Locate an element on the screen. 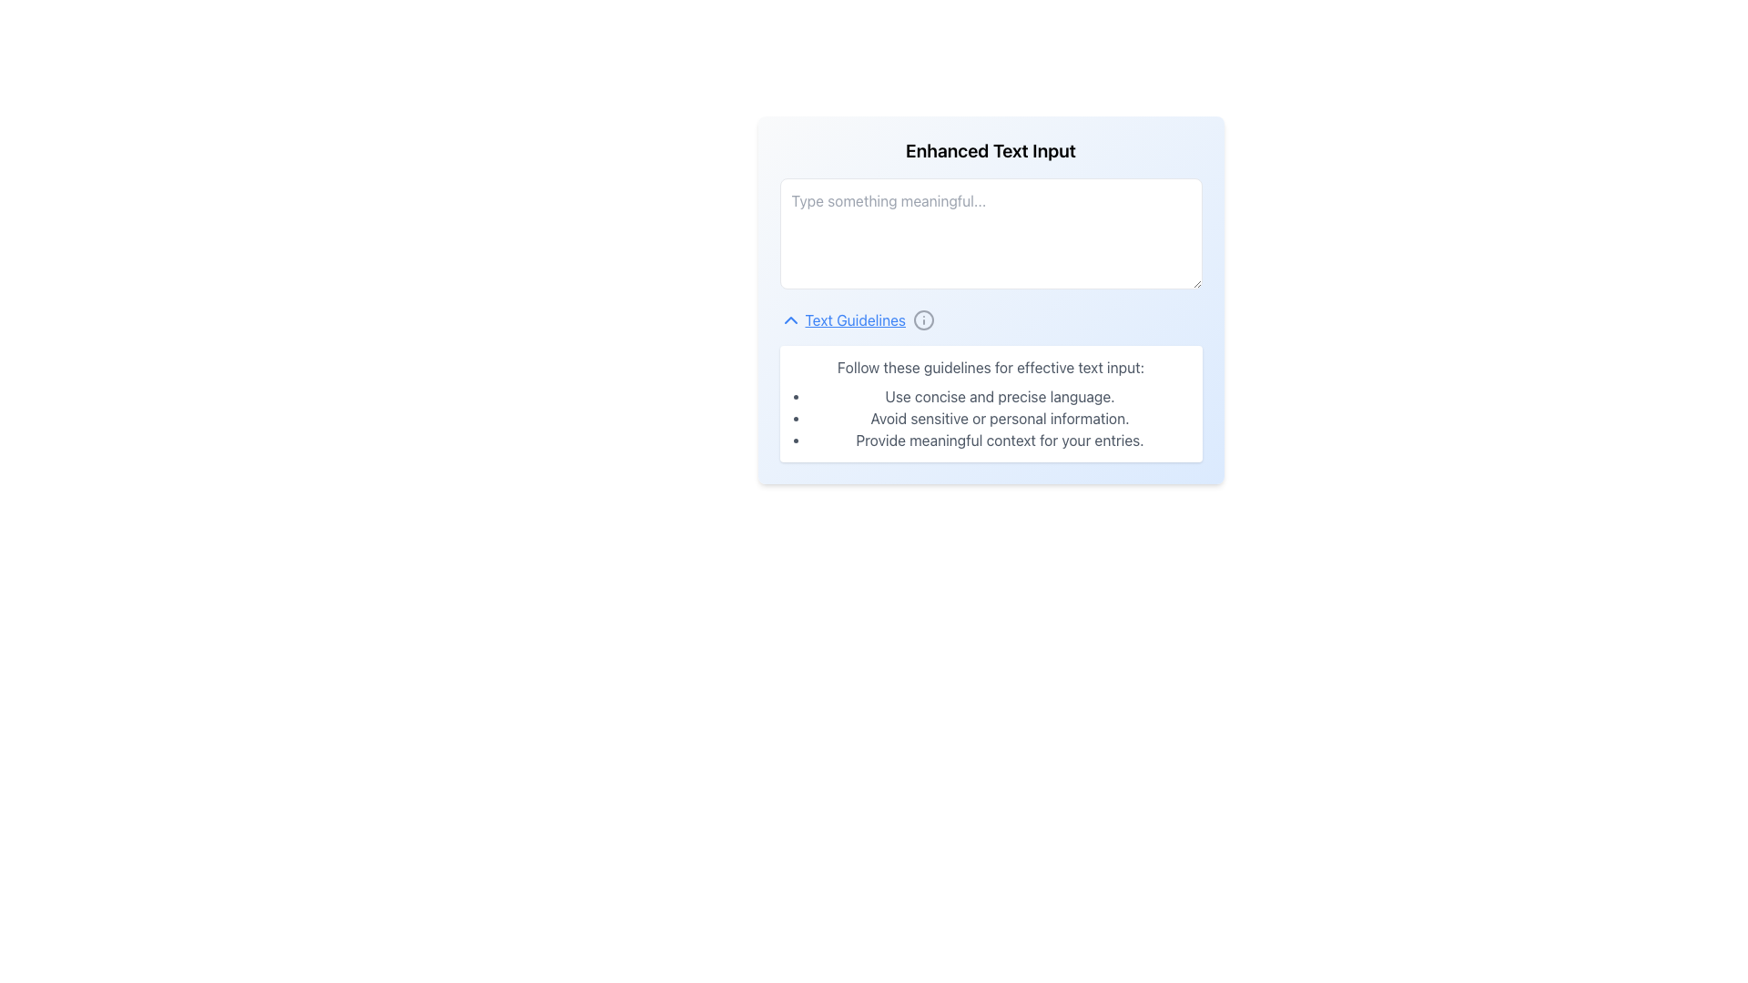 The image size is (1748, 983). header text that serves as a title for the associated input field, located at the top of the section is located at coordinates (990, 149).